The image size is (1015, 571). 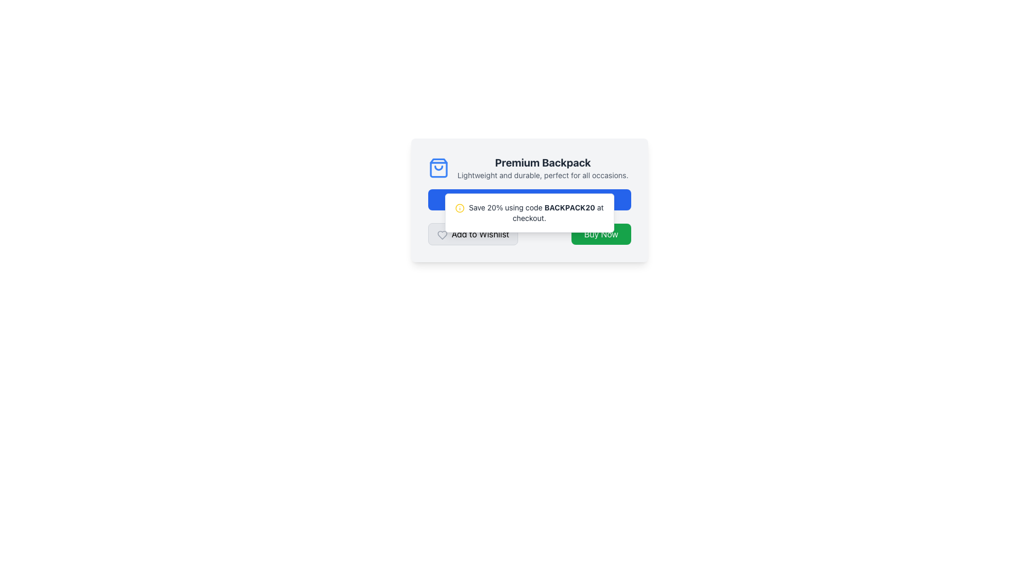 I want to click on the text element displaying the title 'Premium Backpack' and its description 'Lightweight and durable, perfect for all occasions.' which is styled with dark gray text on a light background, so click(x=543, y=167).